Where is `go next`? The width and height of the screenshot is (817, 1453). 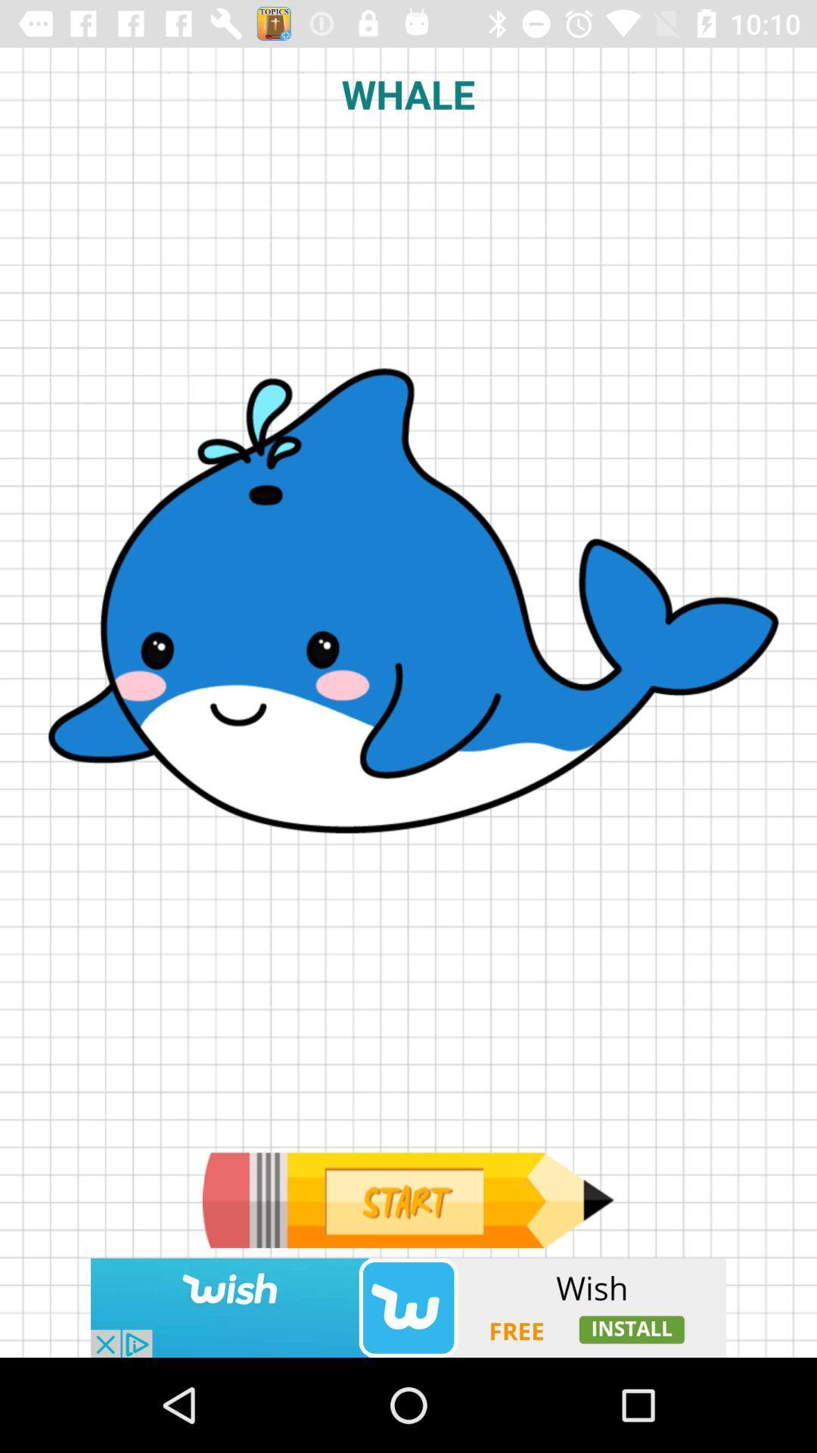 go next is located at coordinates (407, 1199).